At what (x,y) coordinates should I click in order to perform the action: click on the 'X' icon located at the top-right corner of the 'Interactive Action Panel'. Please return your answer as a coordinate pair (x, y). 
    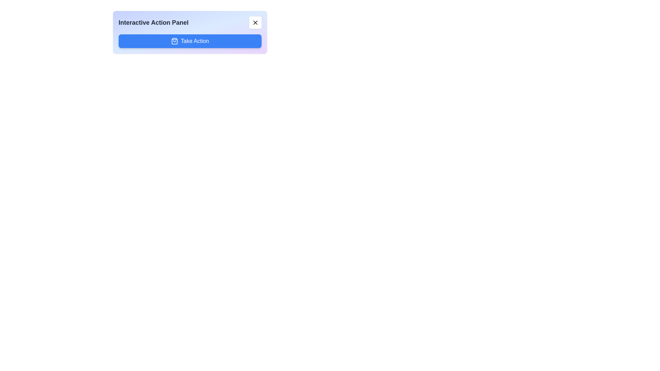
    Looking at the image, I should click on (255, 22).